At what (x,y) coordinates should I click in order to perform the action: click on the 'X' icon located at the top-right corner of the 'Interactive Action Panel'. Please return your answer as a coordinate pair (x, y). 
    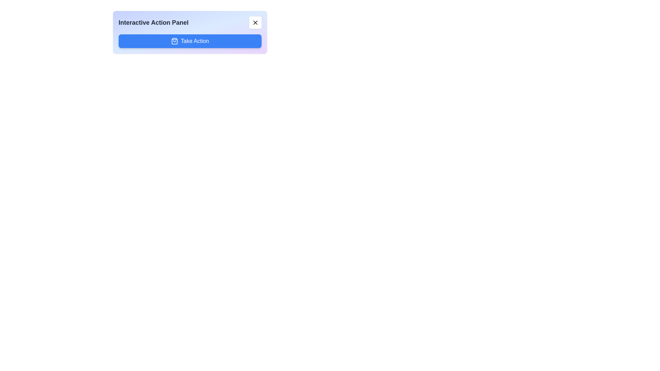
    Looking at the image, I should click on (255, 22).